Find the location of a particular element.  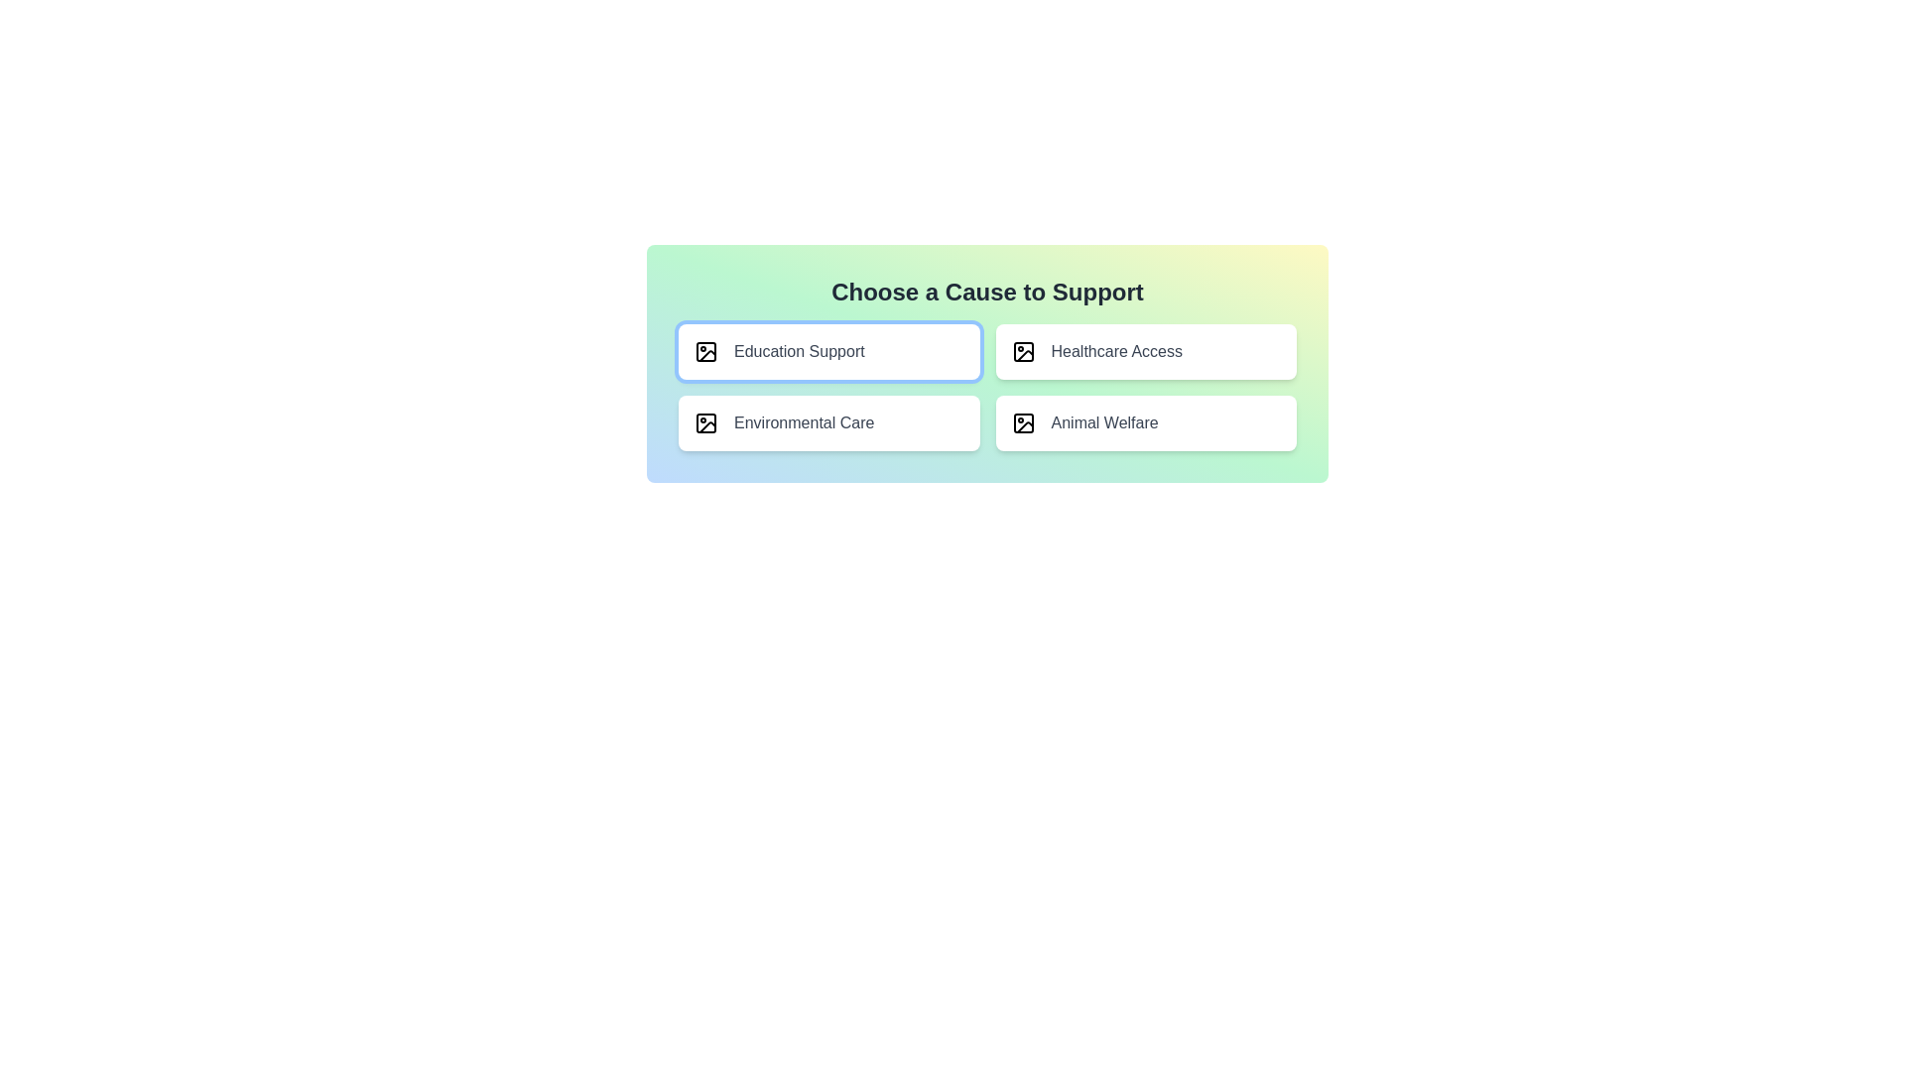

text label that says 'Animal Welfare', which is styled with a medium-sized, gray-colored font and located in the bottom-right cell of a 2x2 grid layout is located at coordinates (1083, 422).